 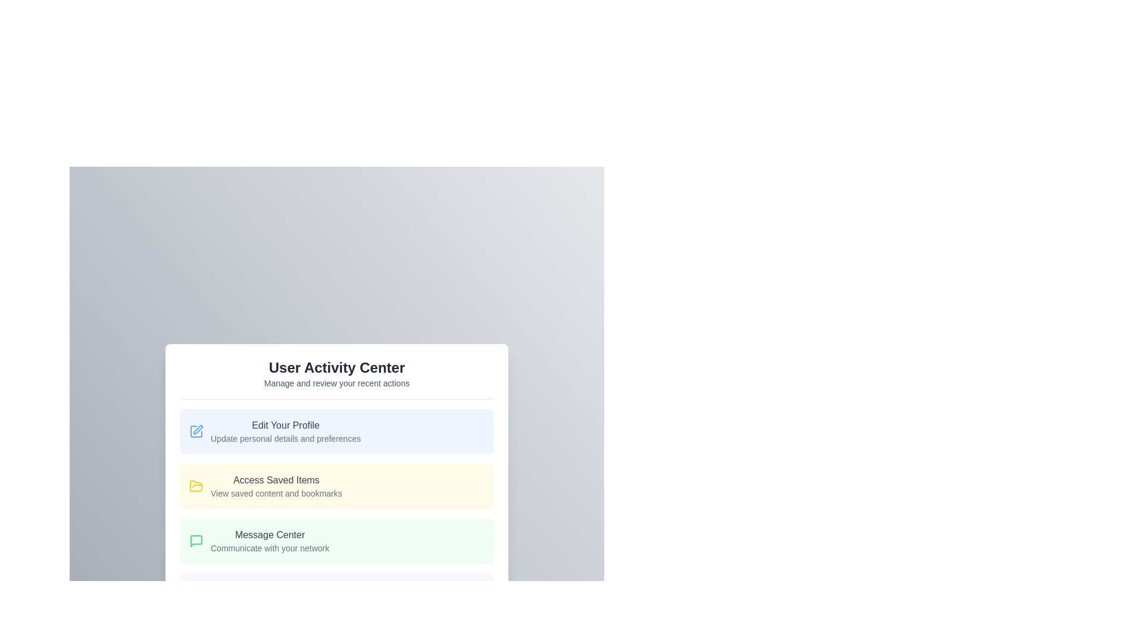 What do you see at coordinates (276, 493) in the screenshot?
I see `the informational text located beneath the bold header 'Access Saved Items' in the yellow section, which provides details about viewing saved content and bookmarks` at bounding box center [276, 493].